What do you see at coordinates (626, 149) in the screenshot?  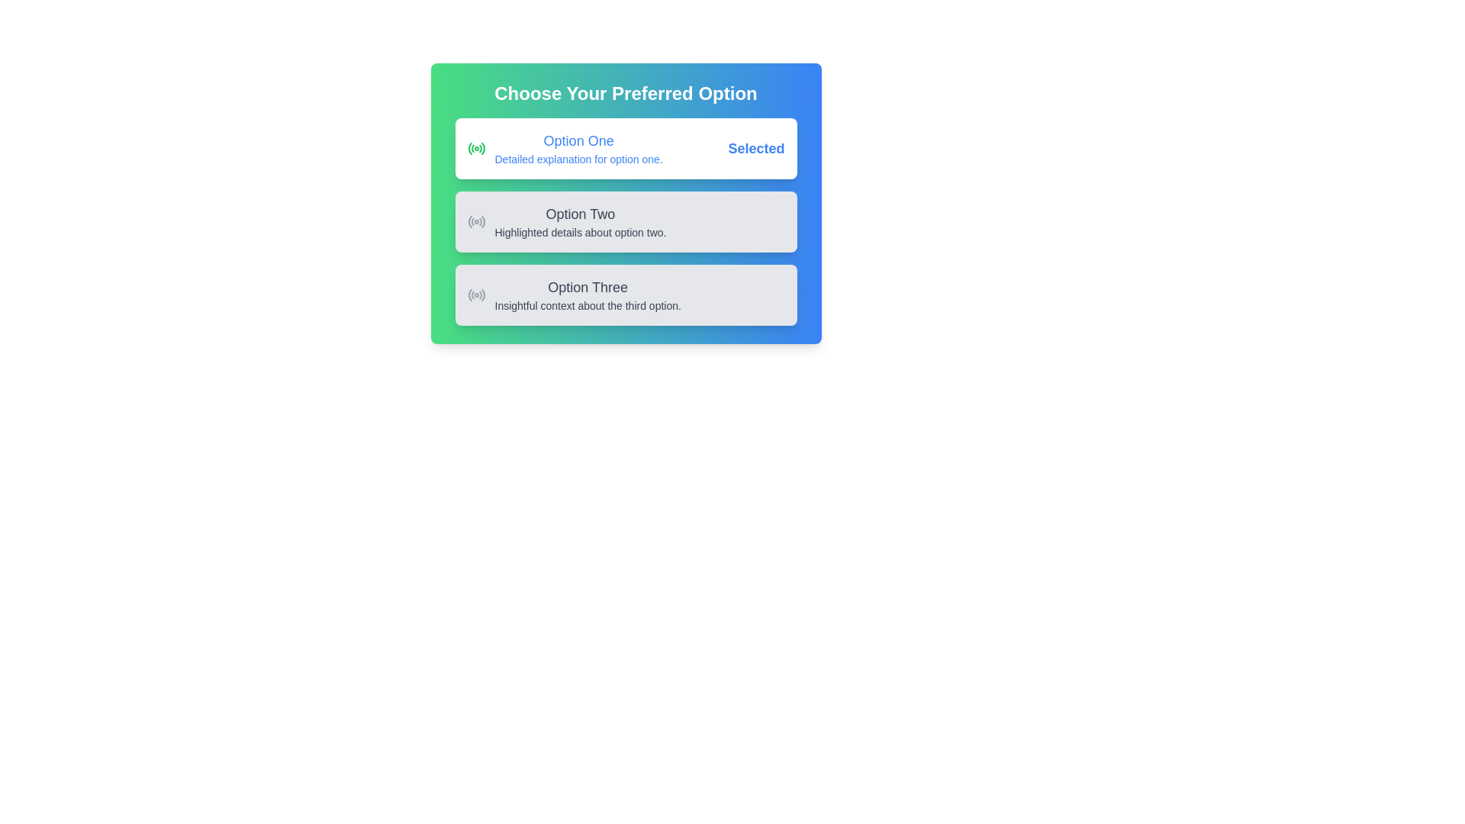 I see `the first selectable option labeled 'Option One'` at bounding box center [626, 149].